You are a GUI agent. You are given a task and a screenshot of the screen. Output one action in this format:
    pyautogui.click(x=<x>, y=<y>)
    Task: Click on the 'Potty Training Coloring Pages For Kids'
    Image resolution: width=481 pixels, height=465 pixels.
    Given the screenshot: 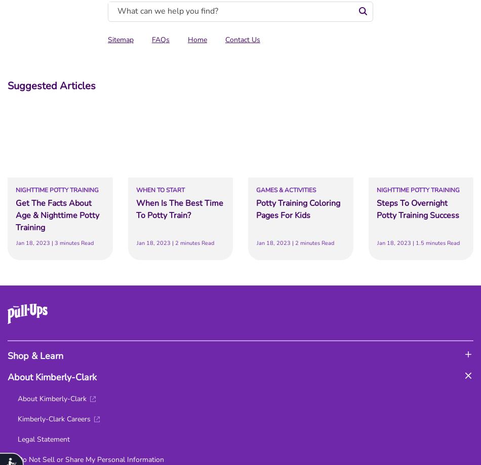 What is the action you would take?
    pyautogui.click(x=298, y=209)
    